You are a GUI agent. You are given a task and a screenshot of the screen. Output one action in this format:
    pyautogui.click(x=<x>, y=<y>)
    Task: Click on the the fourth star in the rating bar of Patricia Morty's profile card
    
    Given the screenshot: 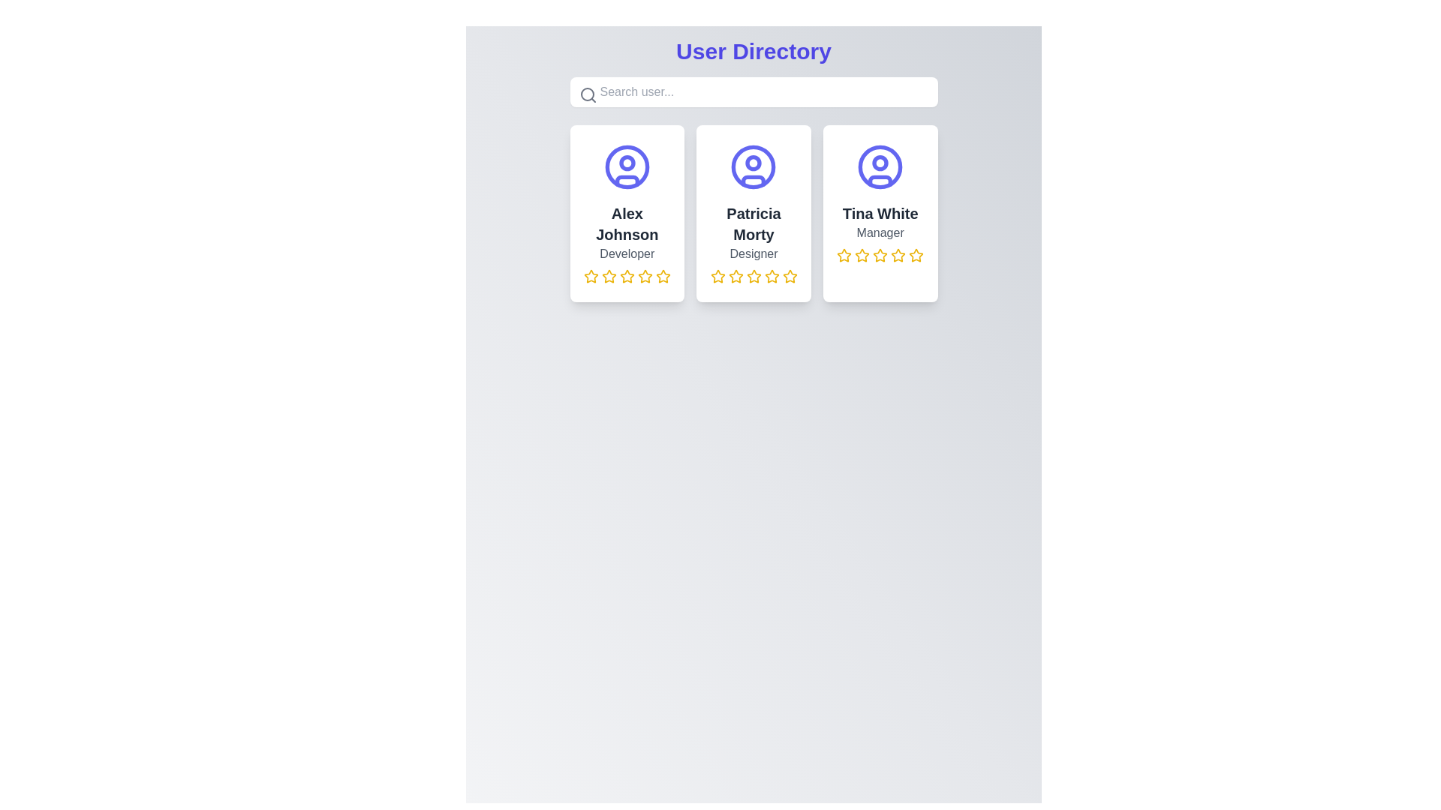 What is the action you would take?
    pyautogui.click(x=772, y=276)
    